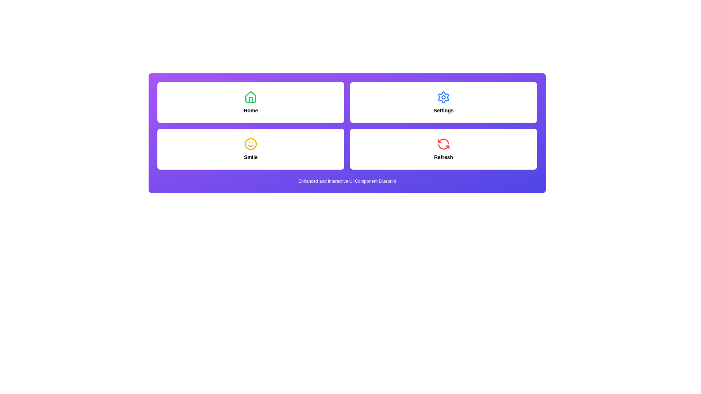 The height and width of the screenshot is (394, 701). Describe the element at coordinates (443, 157) in the screenshot. I see `the descriptive text label for the refresh function located at the bottom-right corner of the four-card grid layout` at that location.